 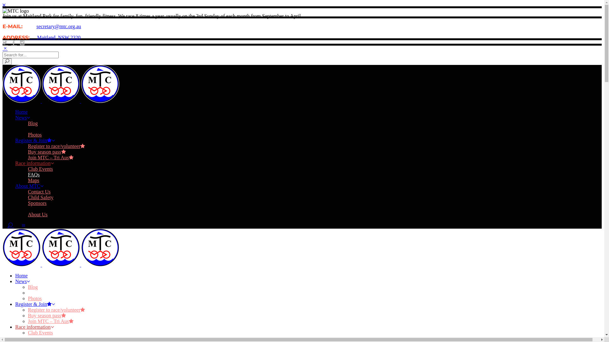 What do you see at coordinates (33, 174) in the screenshot?
I see `'FAQs'` at bounding box center [33, 174].